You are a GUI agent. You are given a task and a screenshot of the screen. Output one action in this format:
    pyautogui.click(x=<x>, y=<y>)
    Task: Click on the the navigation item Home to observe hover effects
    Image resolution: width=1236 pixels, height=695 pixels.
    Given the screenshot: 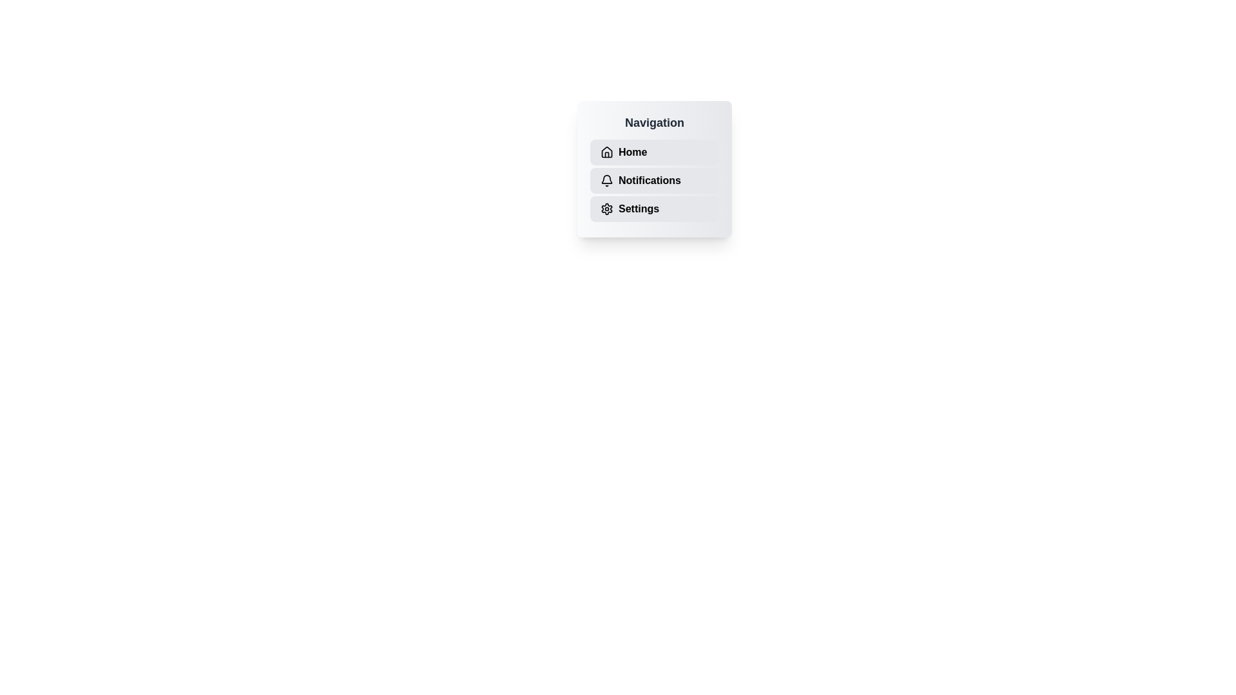 What is the action you would take?
    pyautogui.click(x=655, y=151)
    